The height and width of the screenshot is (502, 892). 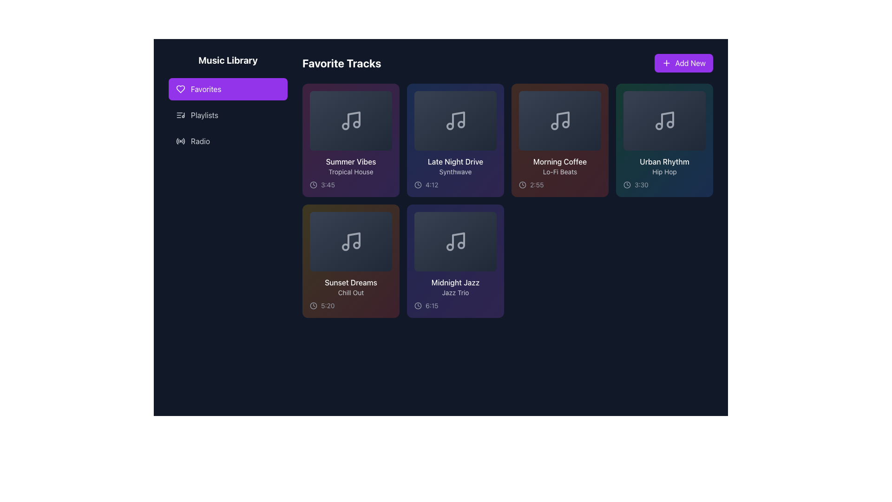 What do you see at coordinates (458, 239) in the screenshot?
I see `the main vertical line of the music icon representing a music track in the 'Midnight Jazz' card located in the last row, second column of the 'Favorite Tracks' grid` at bounding box center [458, 239].